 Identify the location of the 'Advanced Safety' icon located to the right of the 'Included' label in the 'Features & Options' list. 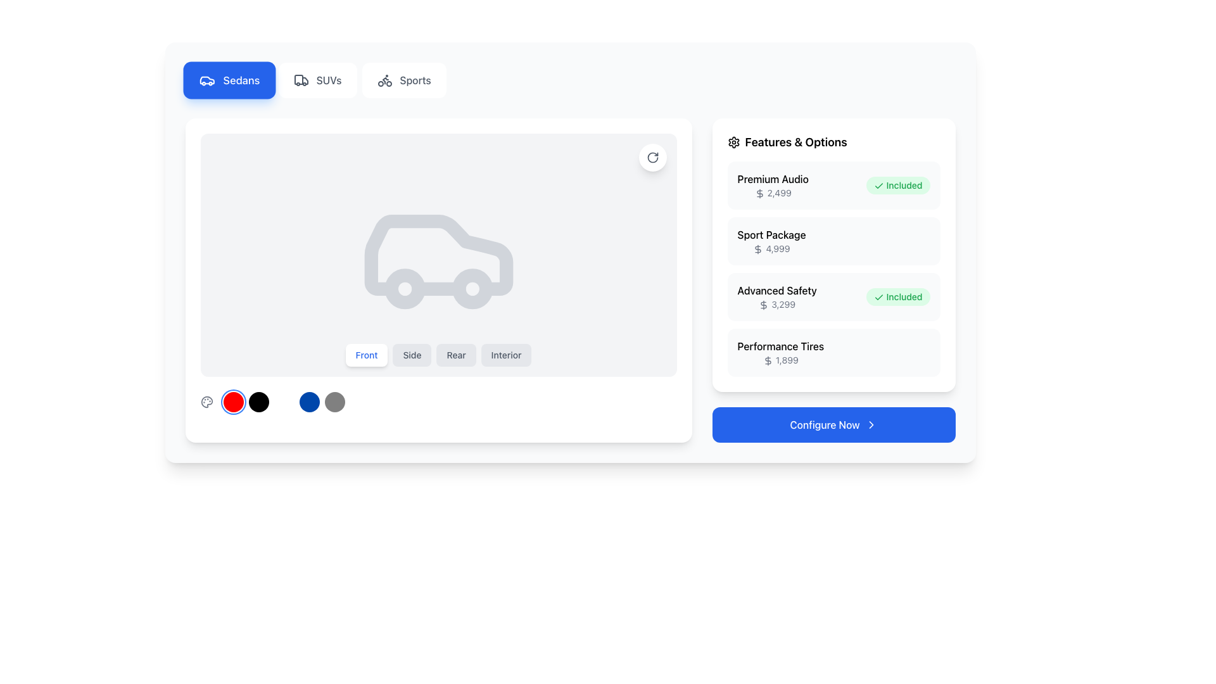
(878, 298).